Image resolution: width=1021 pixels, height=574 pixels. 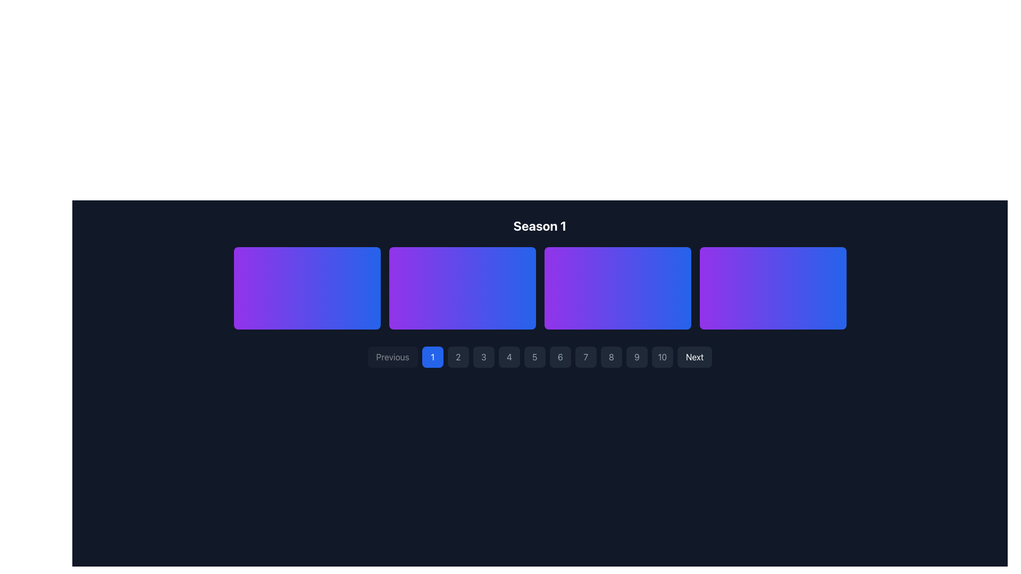 I want to click on the Text Label that serves as a heading for the season information section, located at the top center of the UI layout, so click(x=540, y=225).